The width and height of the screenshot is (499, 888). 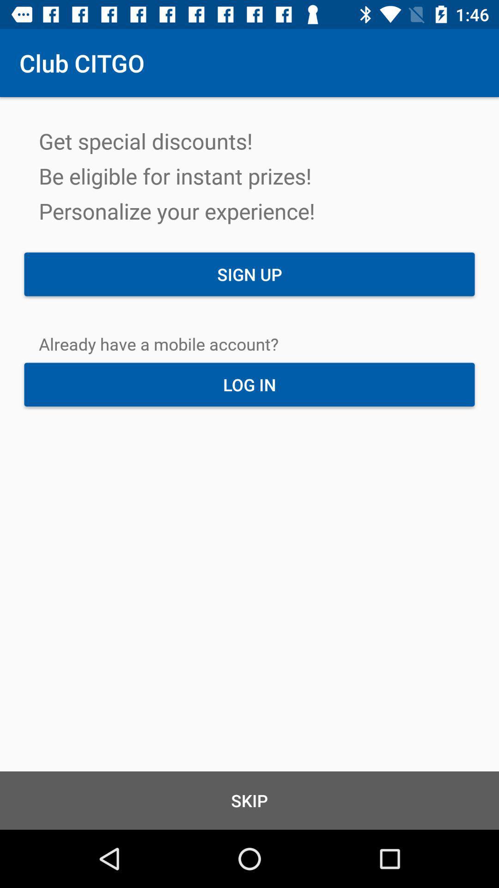 I want to click on log in icon, so click(x=249, y=384).